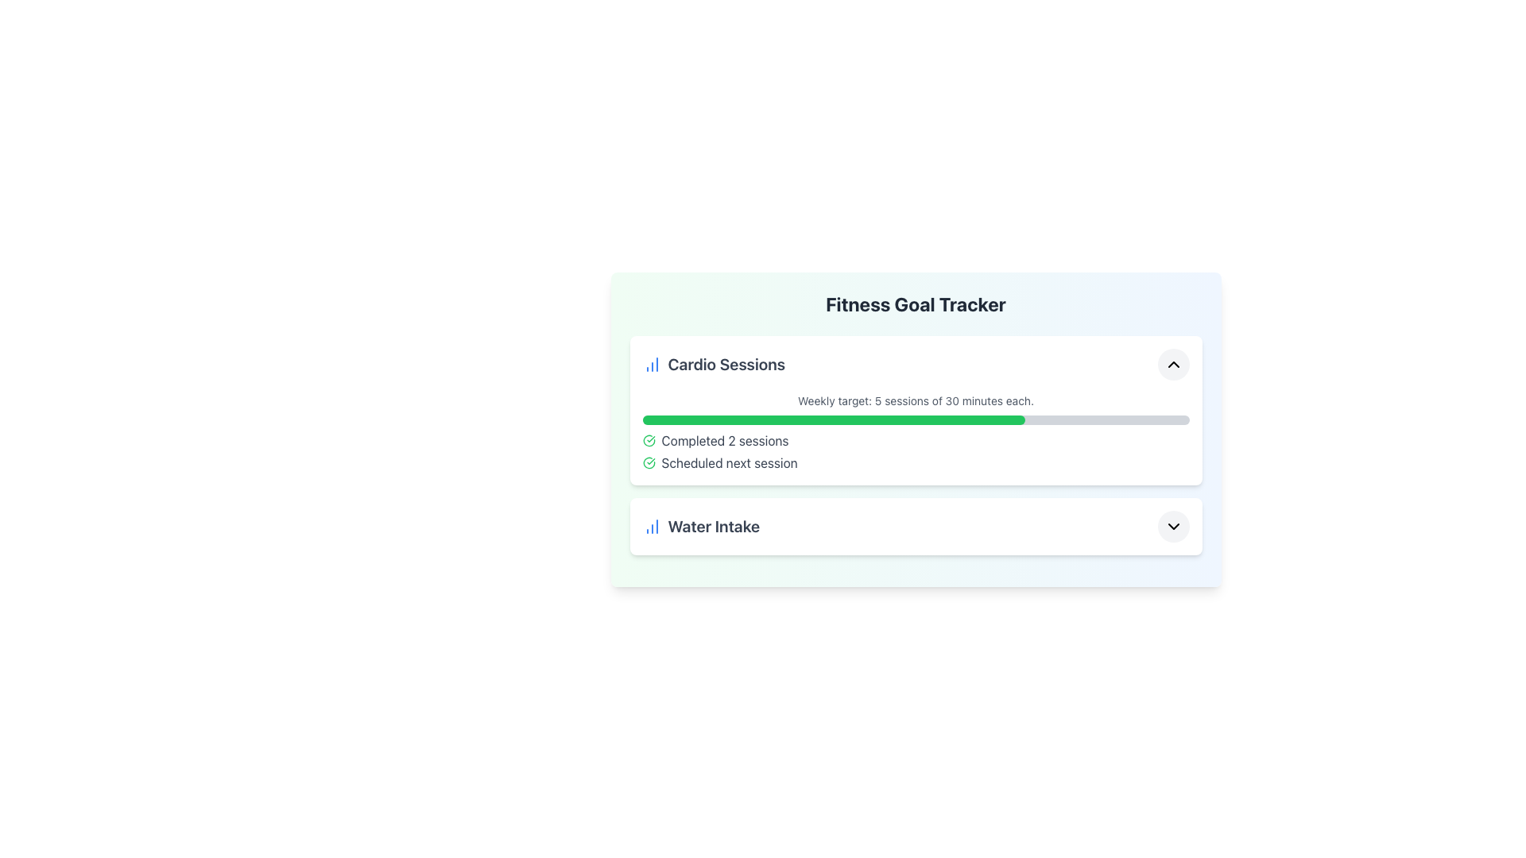 This screenshot has width=1526, height=858. I want to click on the SVG icon located at the bottom-right corner of the 'Water Intake' card, so click(1173, 527).